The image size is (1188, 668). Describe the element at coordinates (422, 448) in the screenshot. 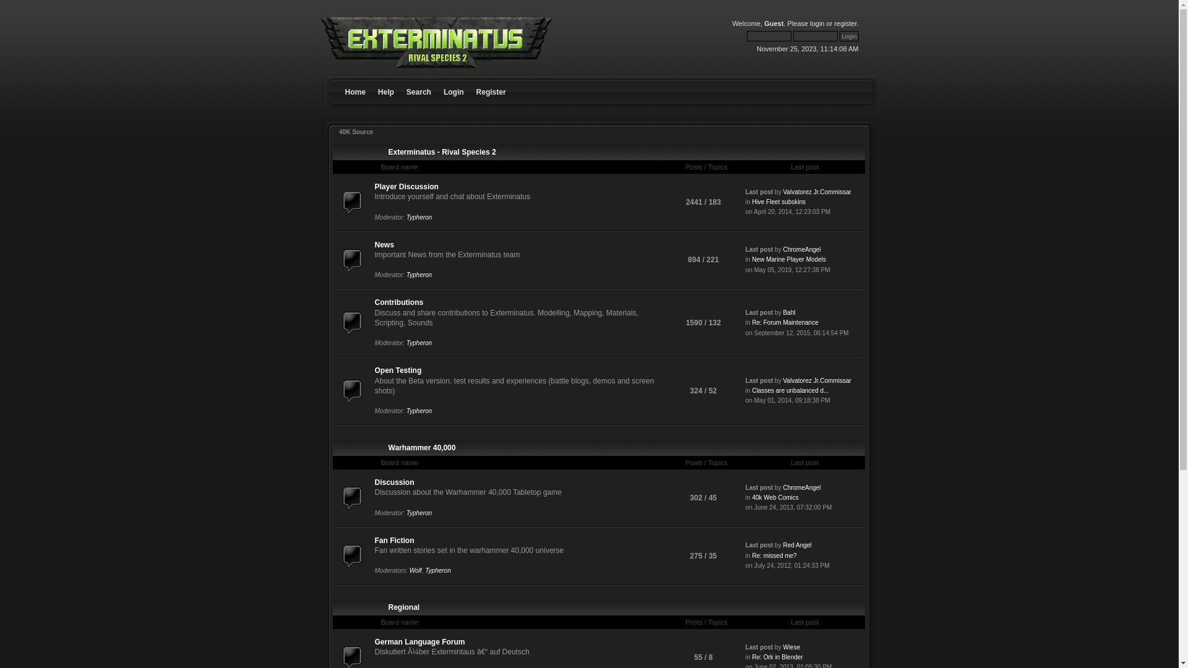

I see `'Warhammer 40,000'` at that location.